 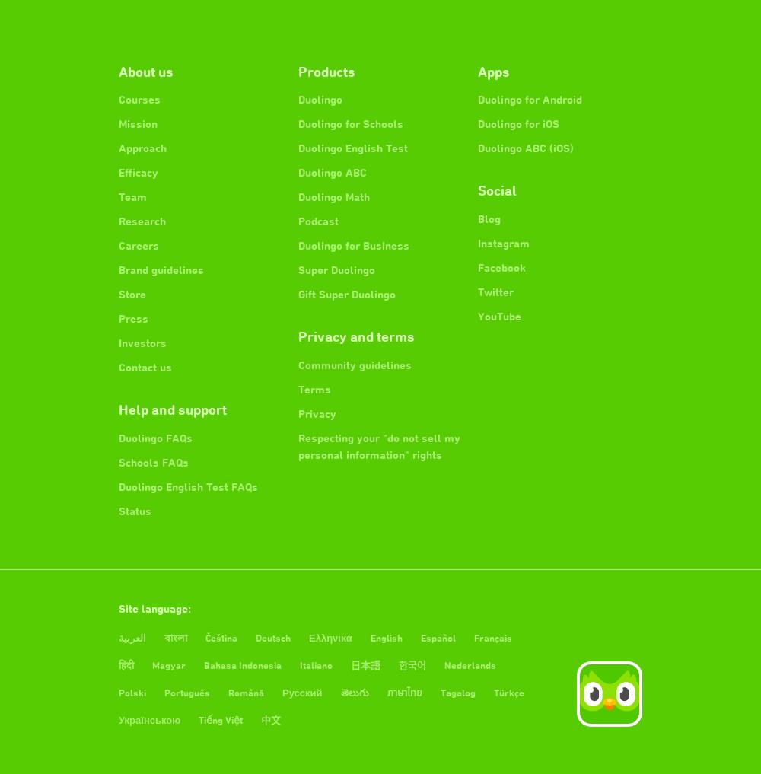 What do you see at coordinates (186, 692) in the screenshot?
I see `'Português'` at bounding box center [186, 692].